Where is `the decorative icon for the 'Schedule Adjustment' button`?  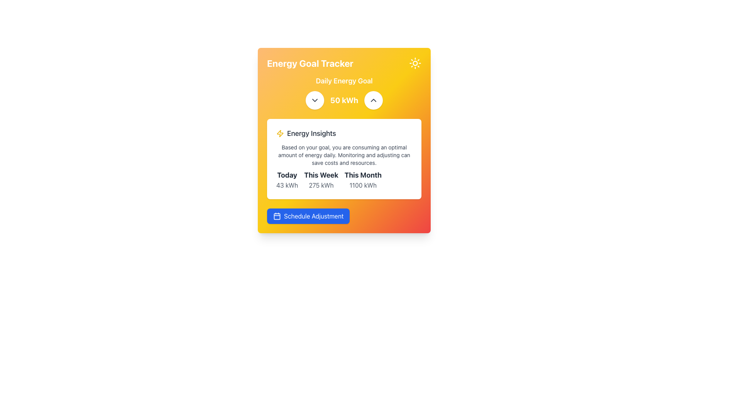 the decorative icon for the 'Schedule Adjustment' button is located at coordinates (277, 216).